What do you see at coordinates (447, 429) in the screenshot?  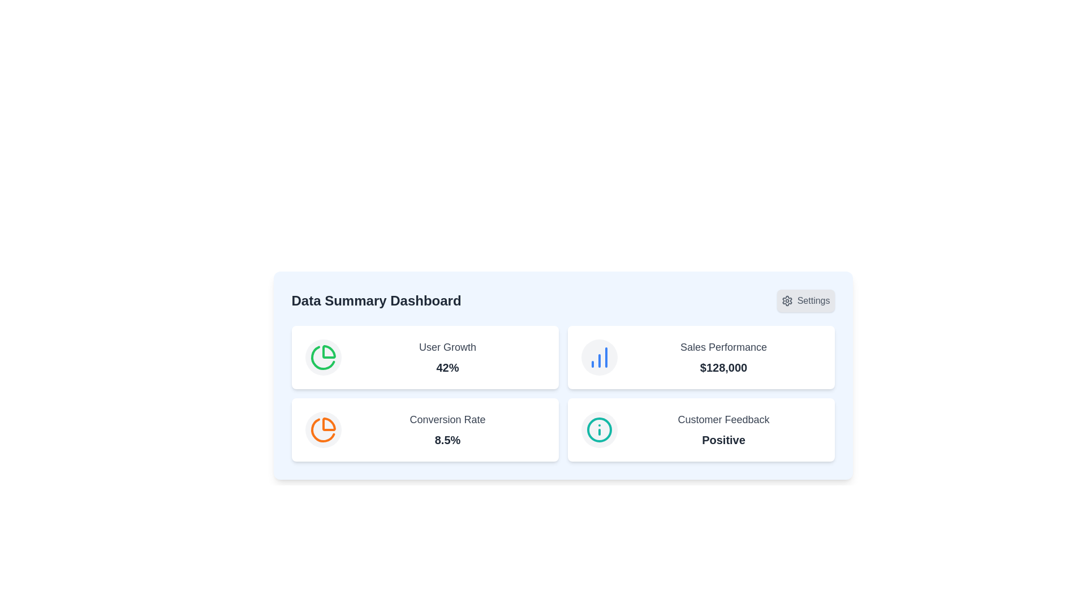 I see `informational text that provides a summary of the conversion rate percentage, located in the bottom-left card of a grid, directly to the right of the orange pie chart icon` at bounding box center [447, 429].